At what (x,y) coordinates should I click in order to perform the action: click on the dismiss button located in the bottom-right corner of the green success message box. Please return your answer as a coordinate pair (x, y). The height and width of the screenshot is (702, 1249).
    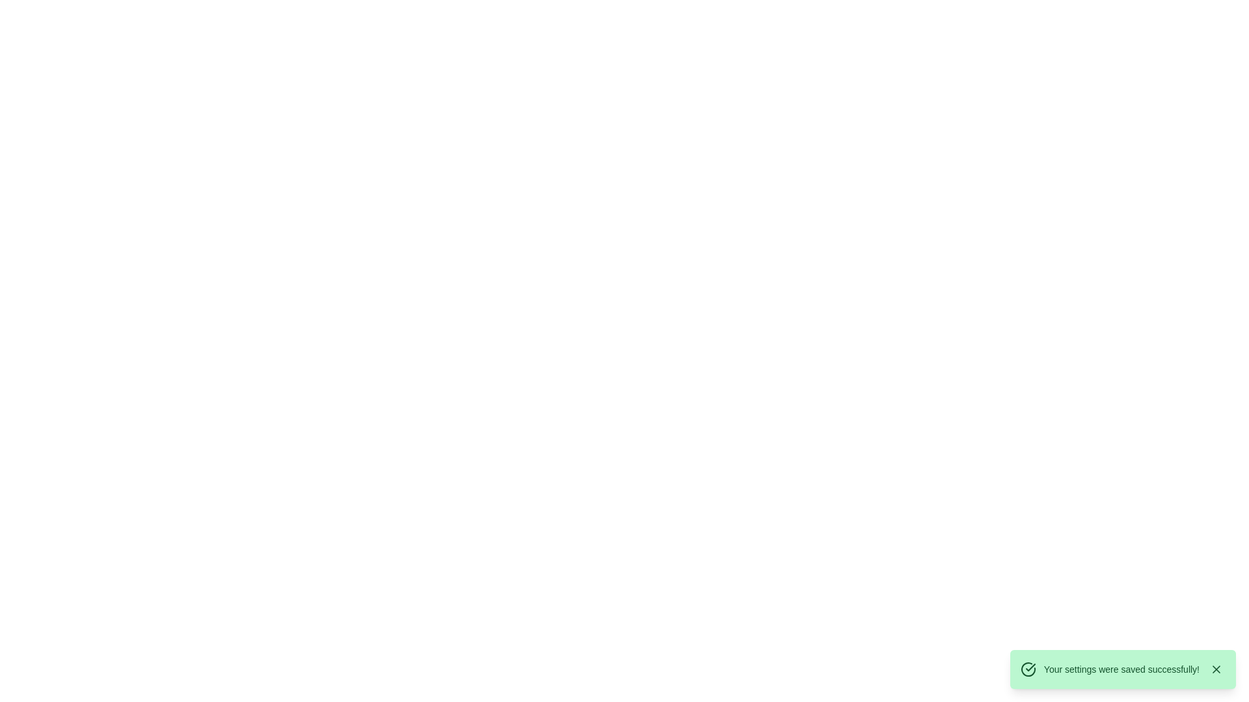
    Looking at the image, I should click on (1216, 669).